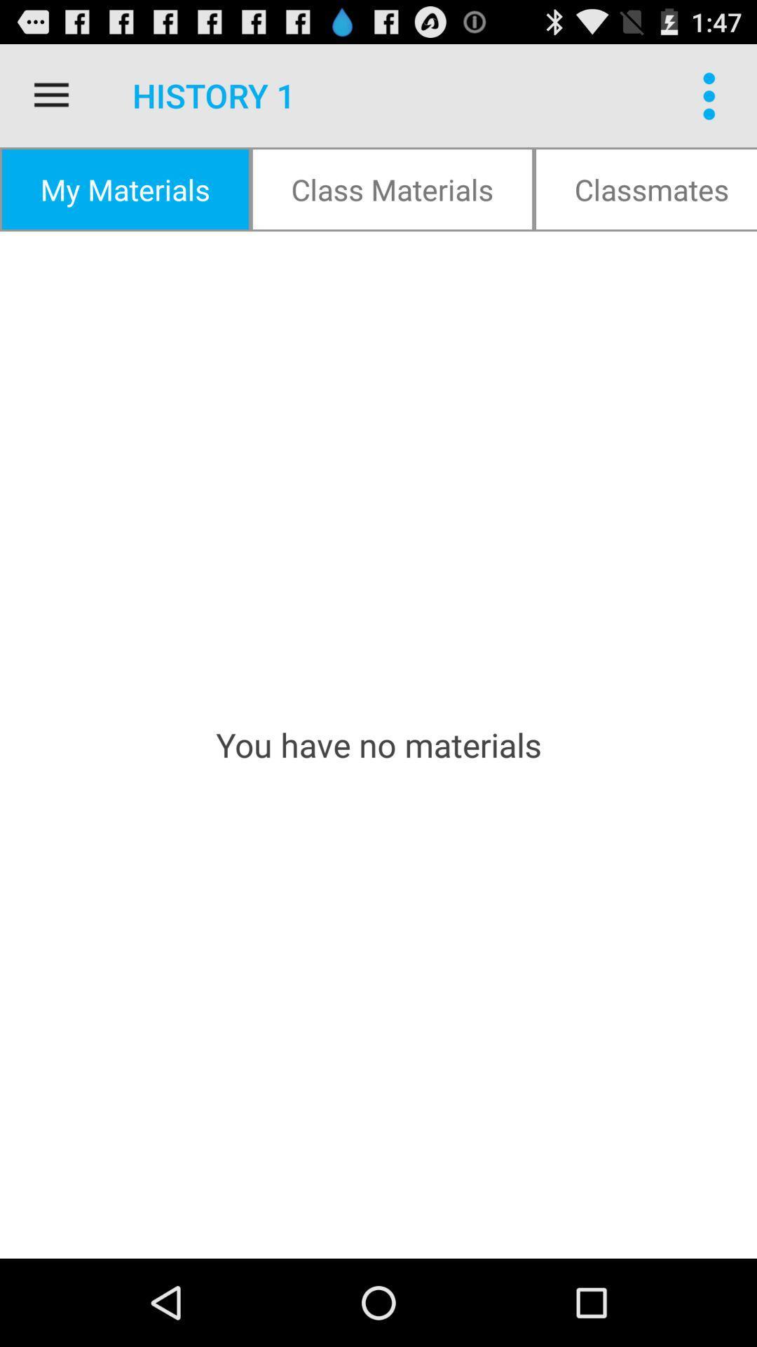 The image size is (757, 1347). What do you see at coordinates (392, 188) in the screenshot?
I see `item next to the classmates` at bounding box center [392, 188].